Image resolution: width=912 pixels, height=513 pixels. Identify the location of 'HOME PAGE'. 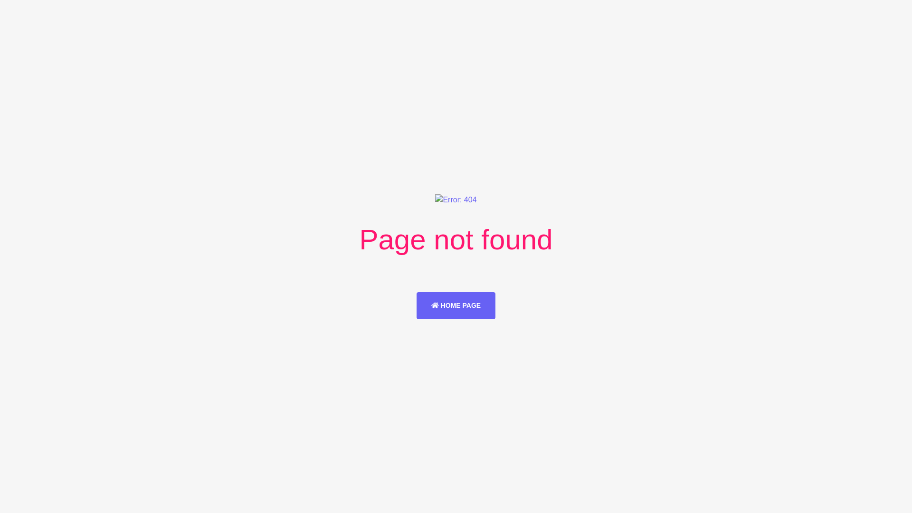
(456, 305).